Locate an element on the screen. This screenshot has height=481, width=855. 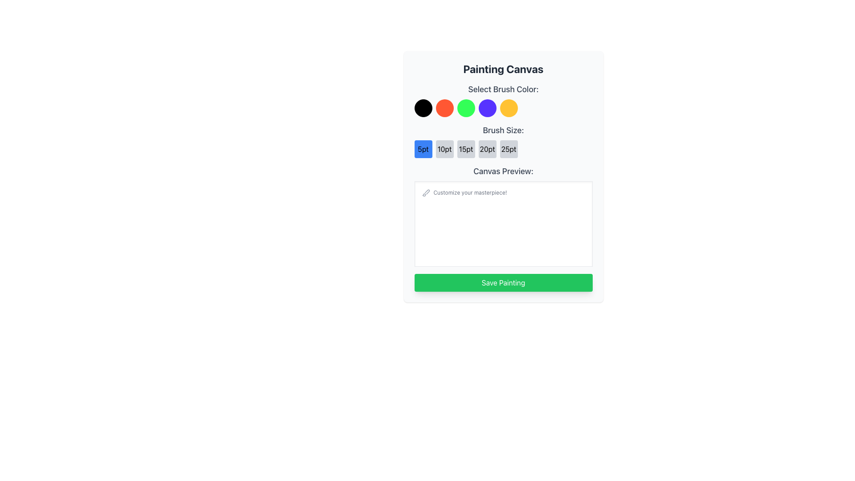
the '25pt' button, which is the last in a group of brush size buttons beneath the 'Brush Size:' label in the 'Painting Canvas' panel is located at coordinates (509, 149).